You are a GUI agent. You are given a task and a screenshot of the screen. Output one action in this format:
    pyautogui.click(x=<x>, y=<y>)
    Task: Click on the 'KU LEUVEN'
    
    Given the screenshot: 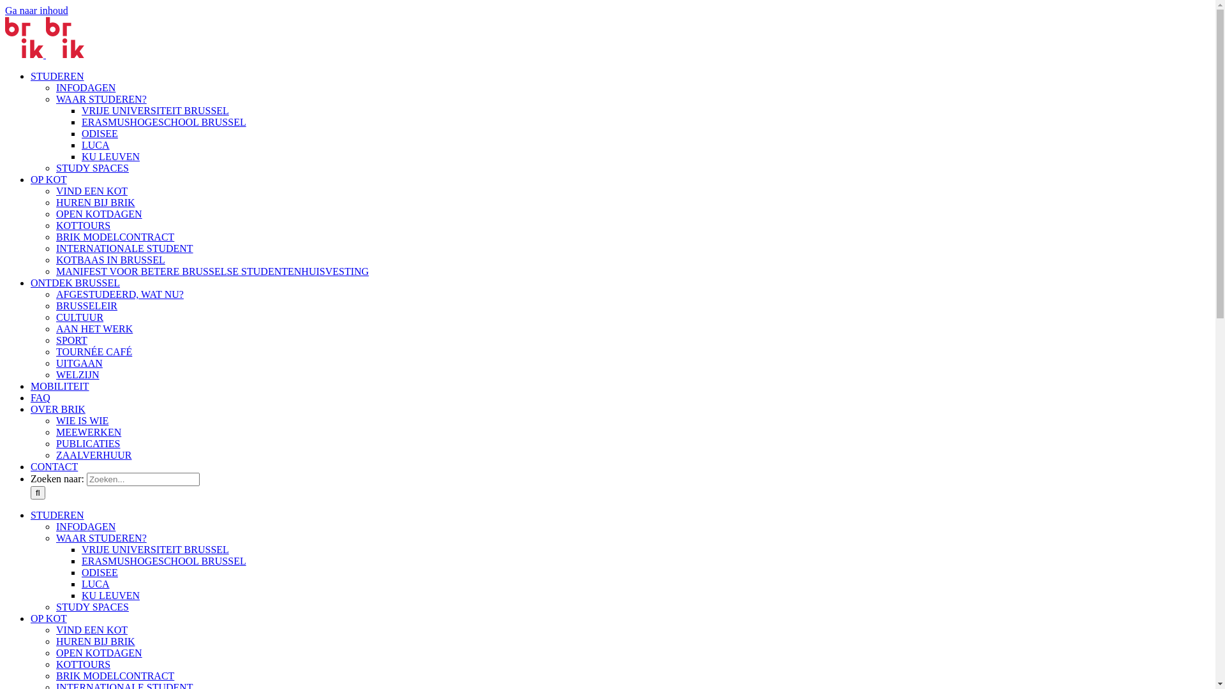 What is the action you would take?
    pyautogui.click(x=81, y=156)
    